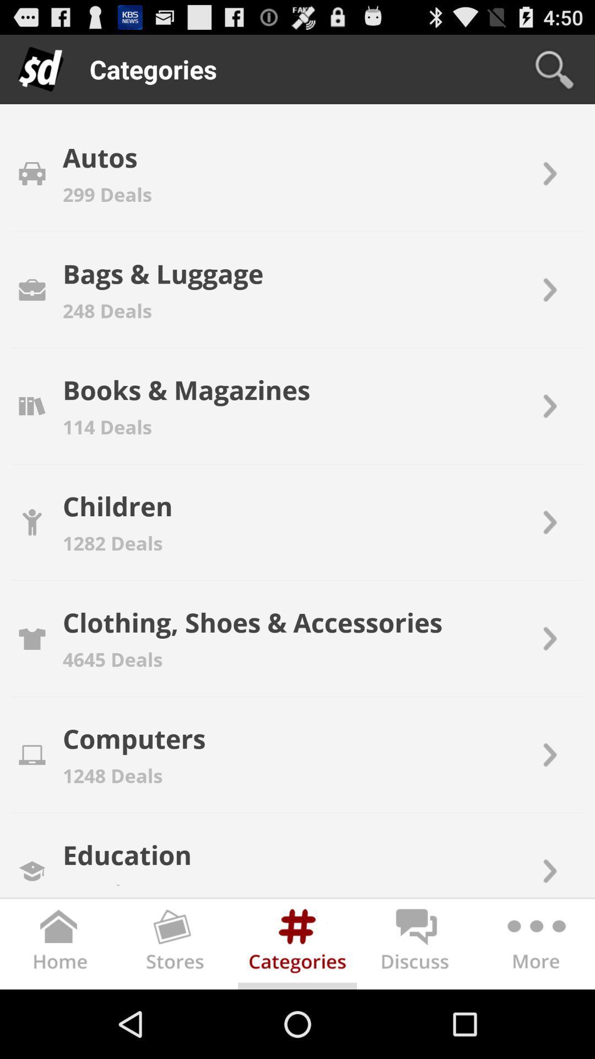 The height and width of the screenshot is (1059, 595). I want to click on the app below bags & luggage app, so click(107, 310).